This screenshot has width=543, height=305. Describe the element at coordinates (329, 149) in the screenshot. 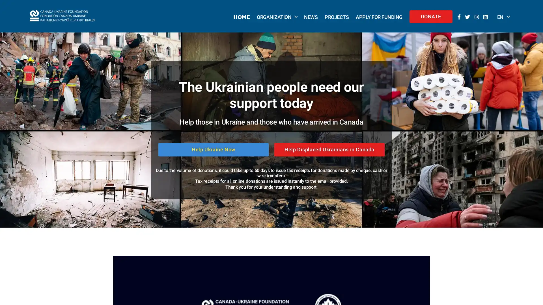

I see `Help Displaced Ukrainians in Canada` at that location.